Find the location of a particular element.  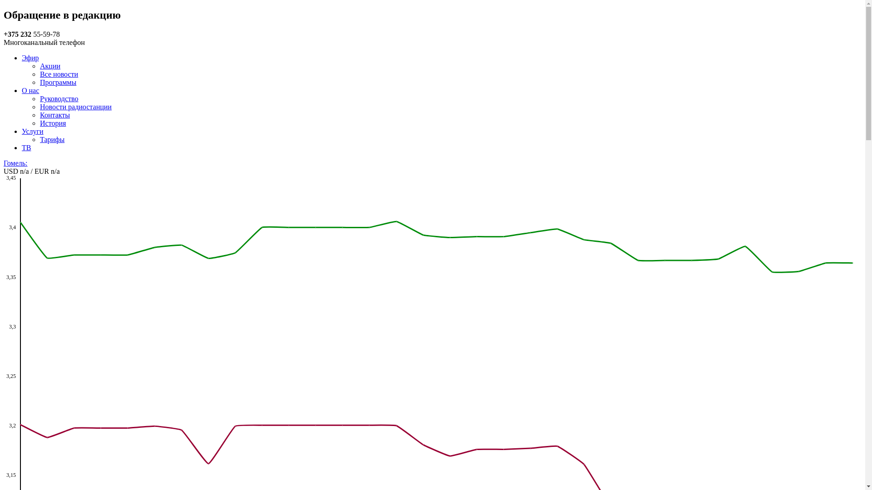

'USD n/a / EUR n/a' is located at coordinates (4, 171).